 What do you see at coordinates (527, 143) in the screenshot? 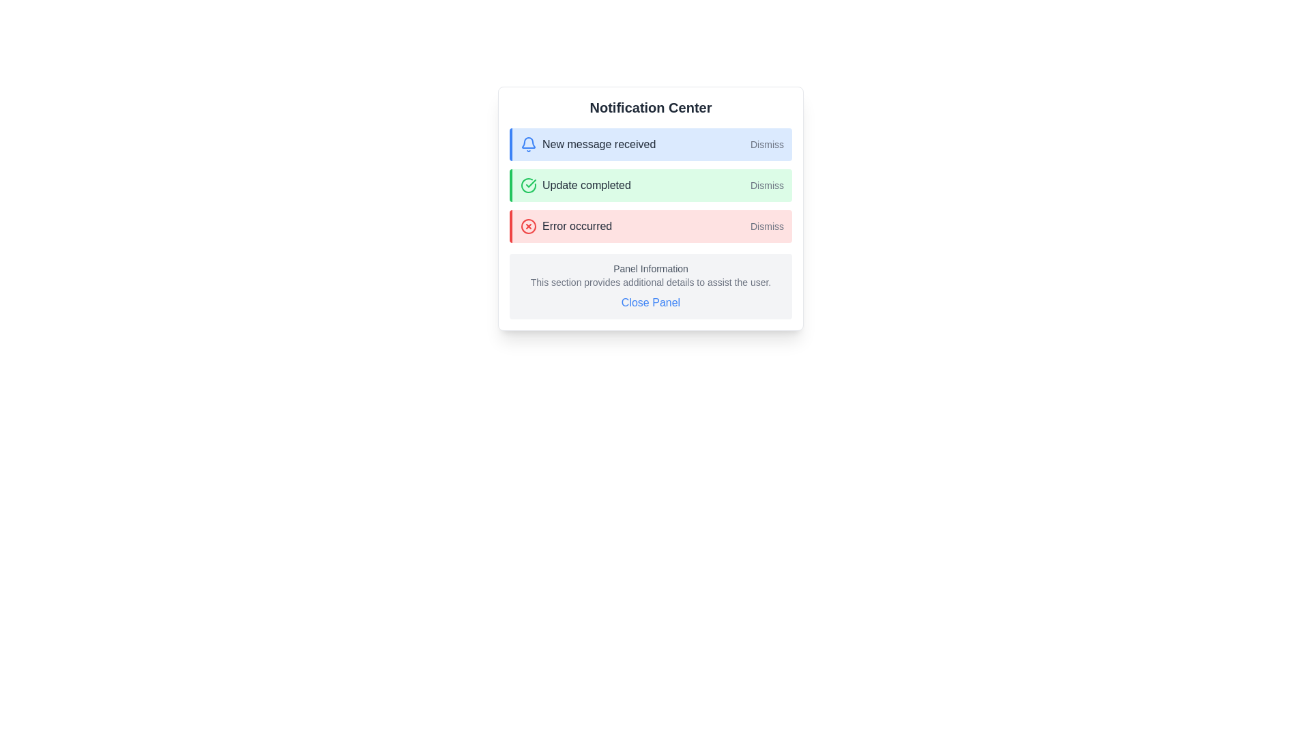
I see `the bell-shaped notification icon located at the upper-left corner of the notification center panel, which is styled with a blue outline` at bounding box center [527, 143].